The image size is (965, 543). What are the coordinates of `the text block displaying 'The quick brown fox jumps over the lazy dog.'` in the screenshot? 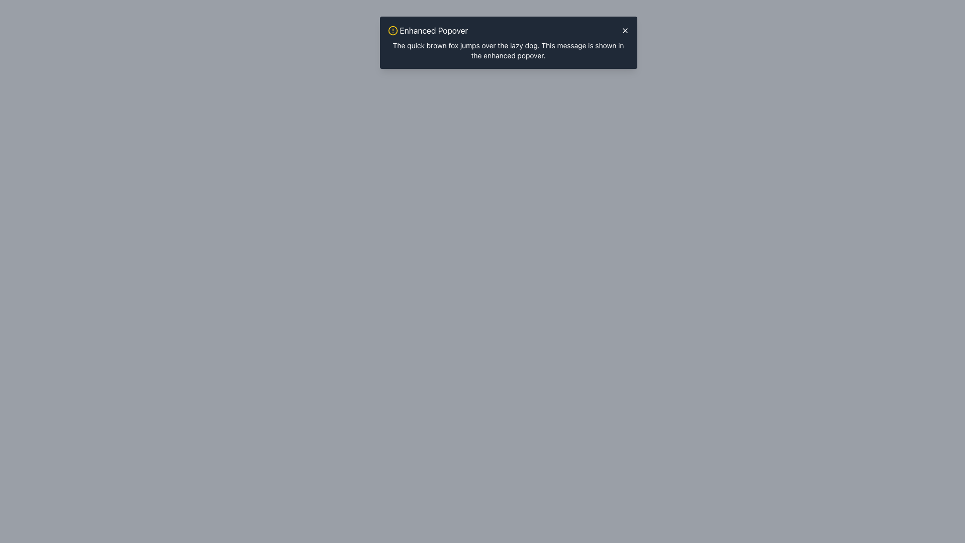 It's located at (508, 50).